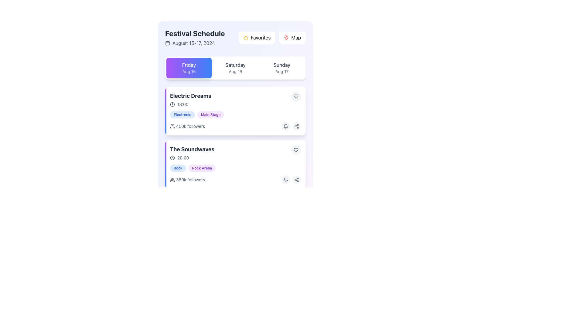 The width and height of the screenshot is (583, 328). What do you see at coordinates (172, 158) in the screenshot?
I see `SVG Circle graphic representing the clock face in the Friday schedule section of the application using developer tools` at bounding box center [172, 158].